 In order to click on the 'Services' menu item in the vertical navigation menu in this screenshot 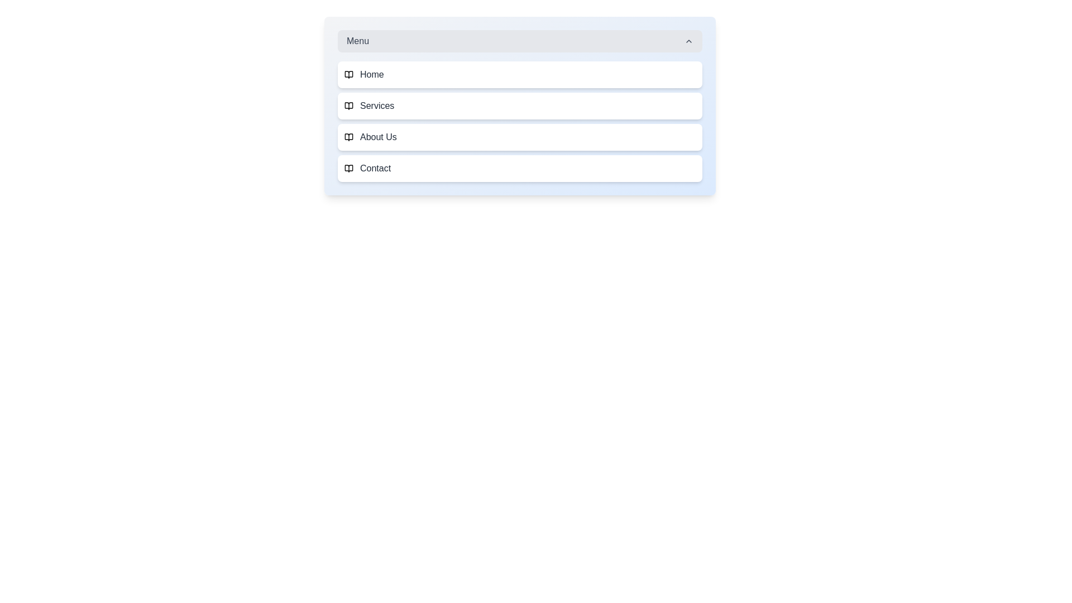, I will do `click(519, 122)`.